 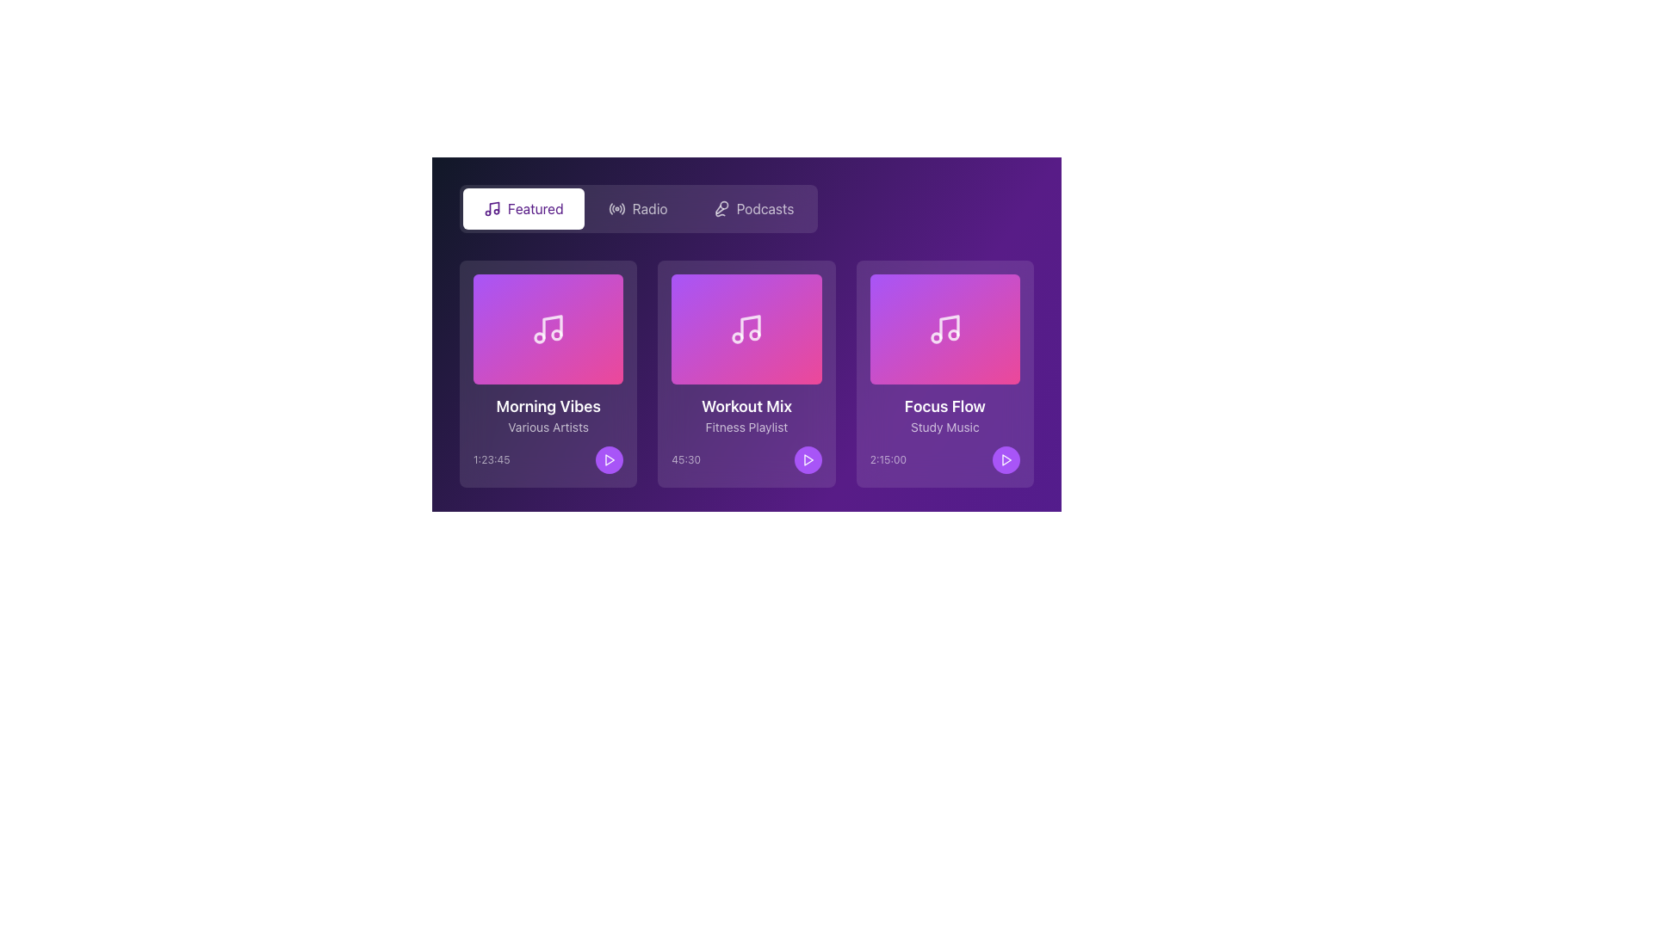 I want to click on the rightward-pointing purple triangular icon within the circular button on the 'Focus Flow' music card, so click(x=1006, y=459).